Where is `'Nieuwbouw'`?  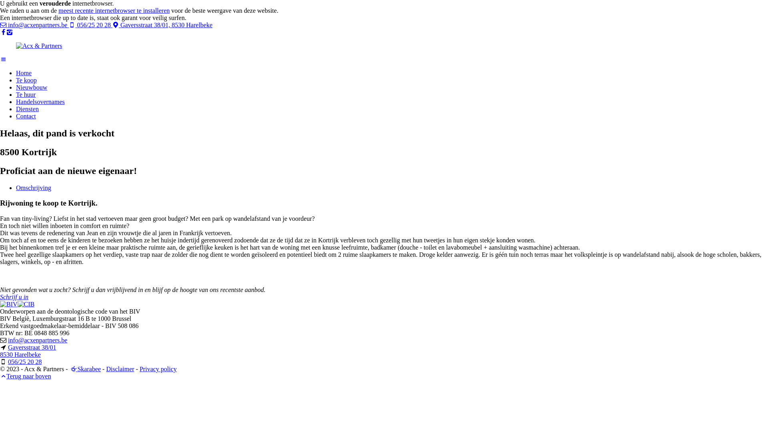 'Nieuwbouw' is located at coordinates (31, 87).